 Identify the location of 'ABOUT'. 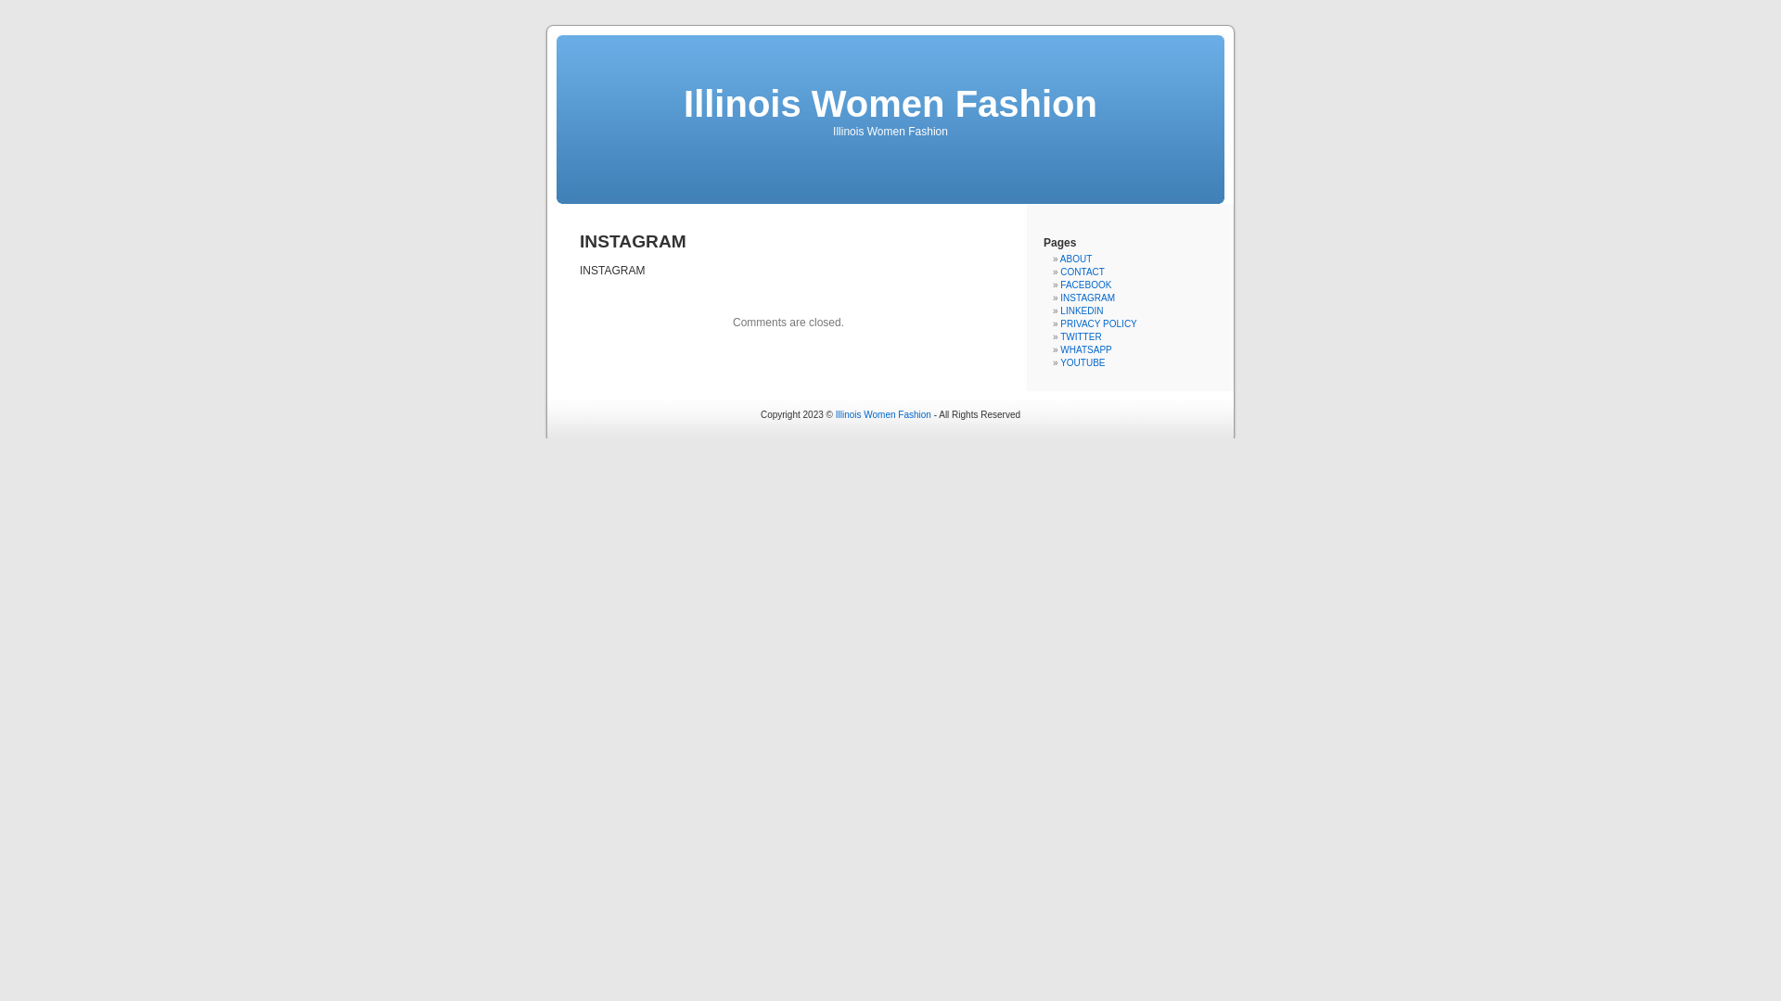
(1076, 259).